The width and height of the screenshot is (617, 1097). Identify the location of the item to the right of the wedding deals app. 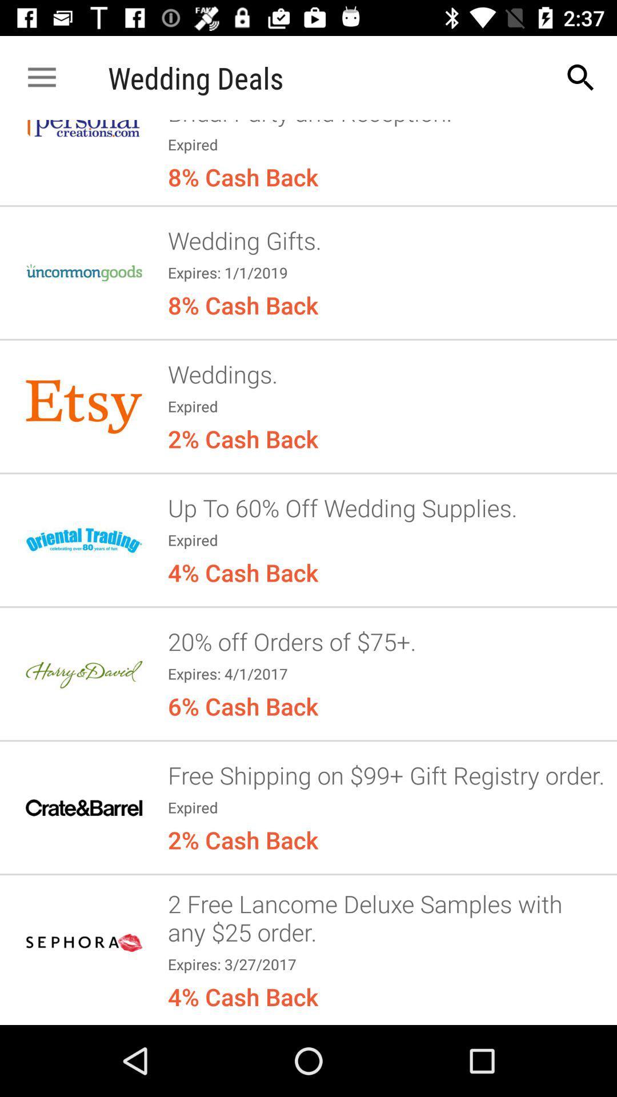
(581, 77).